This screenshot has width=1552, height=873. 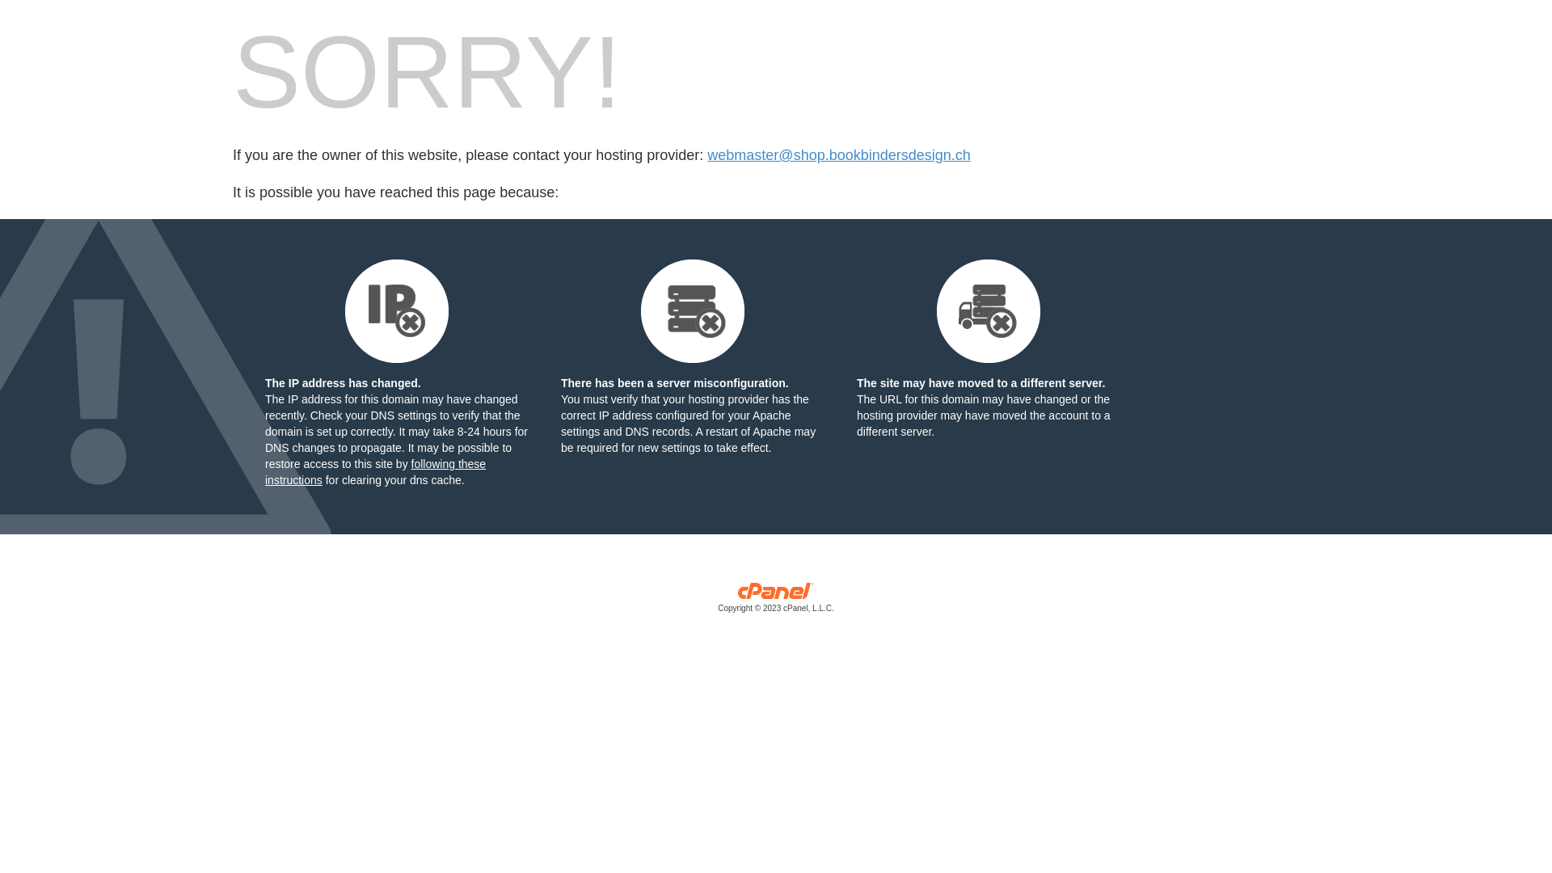 What do you see at coordinates (374, 471) in the screenshot?
I see `'following these instructions'` at bounding box center [374, 471].